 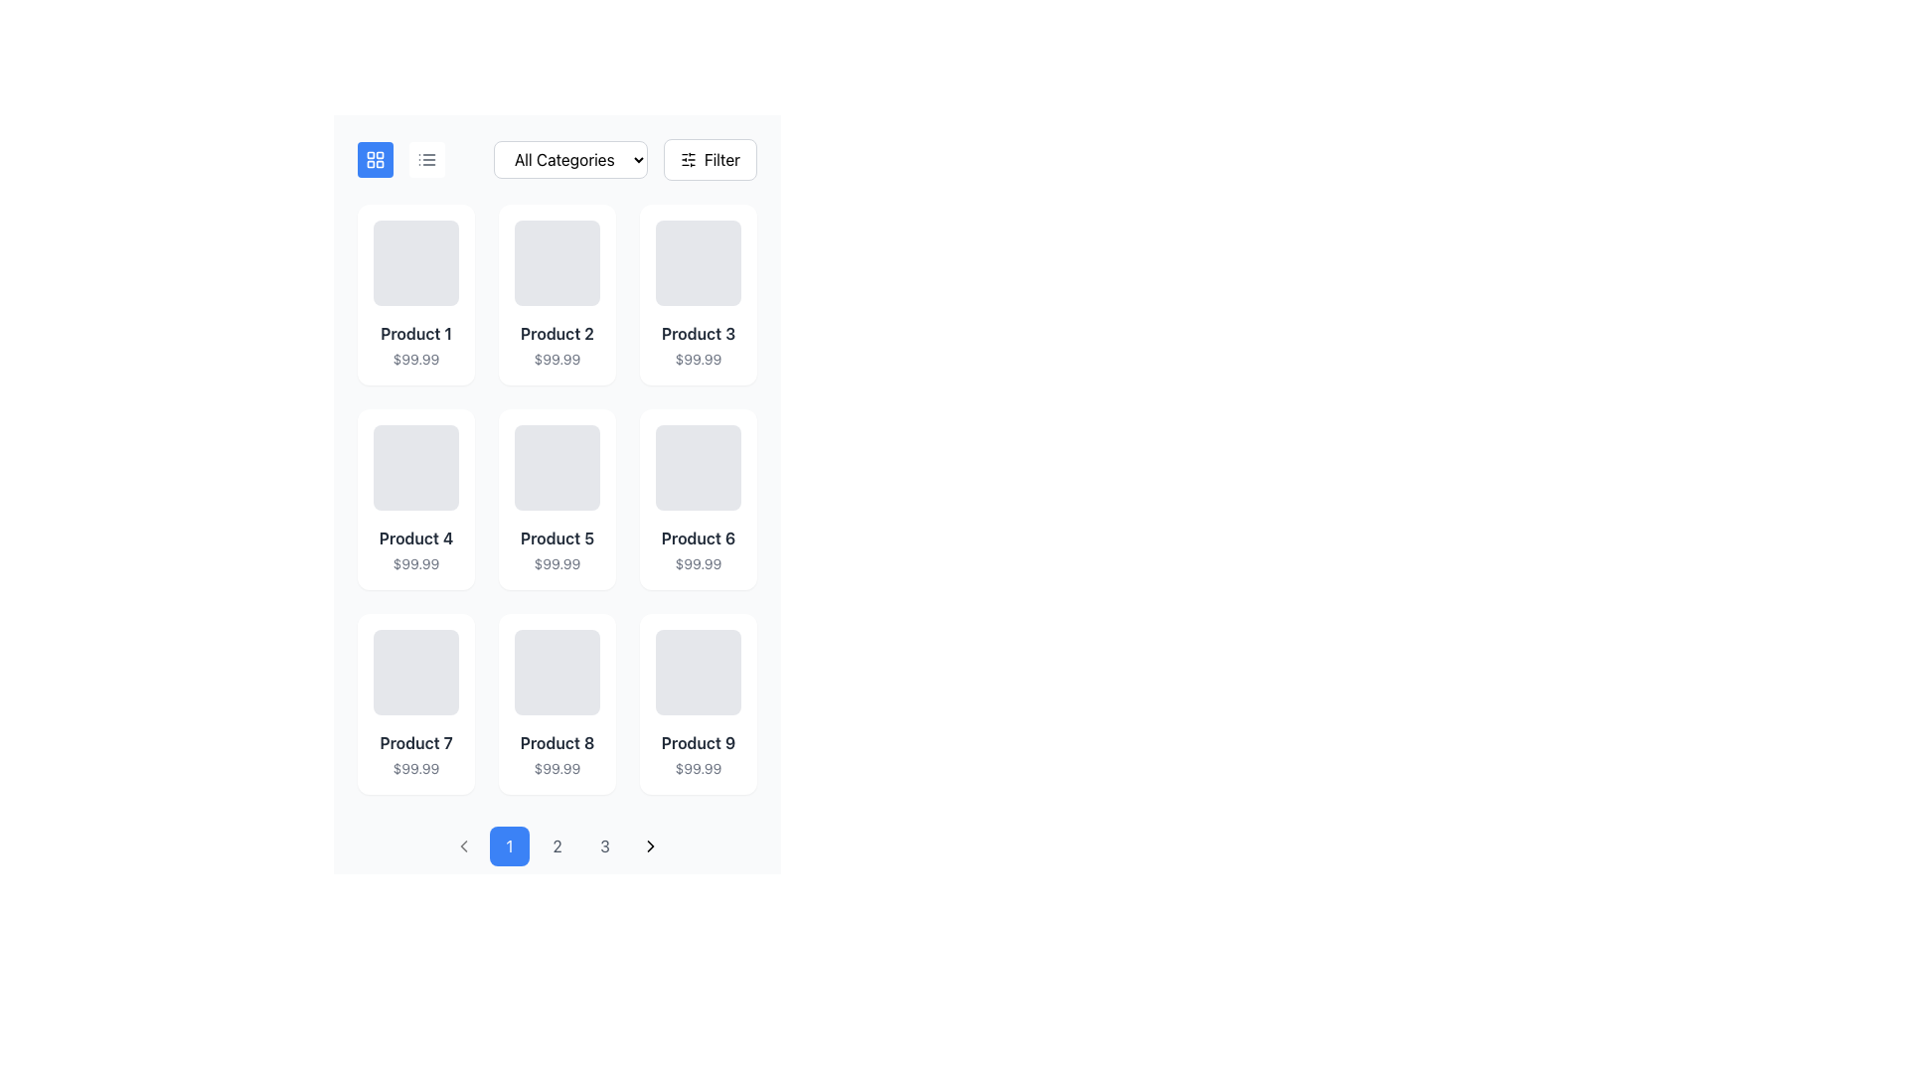 What do you see at coordinates (556, 846) in the screenshot?
I see `the button displaying the number '2' in the pagination component` at bounding box center [556, 846].